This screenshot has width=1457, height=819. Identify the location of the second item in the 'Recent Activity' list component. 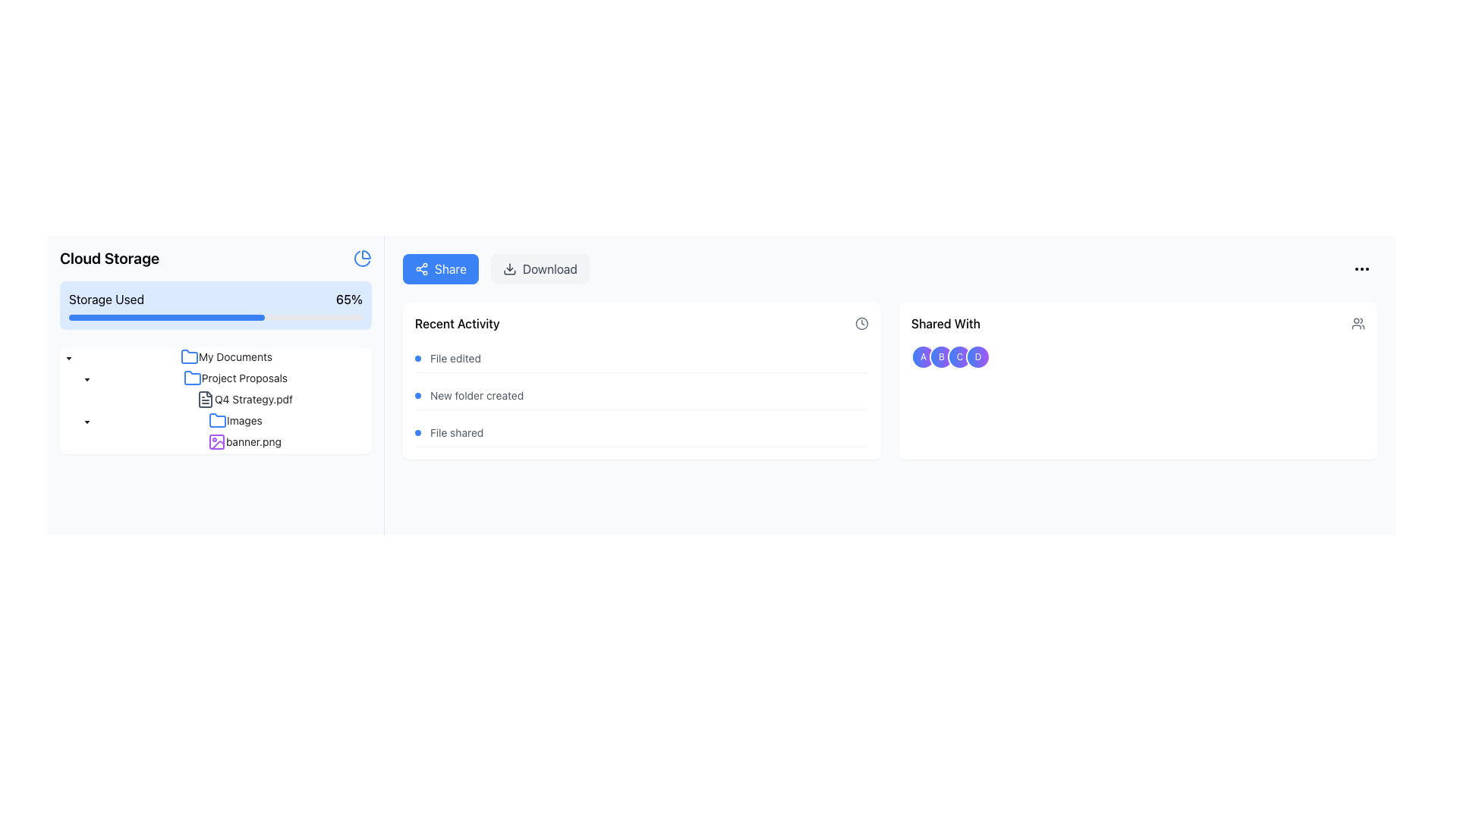
(641, 395).